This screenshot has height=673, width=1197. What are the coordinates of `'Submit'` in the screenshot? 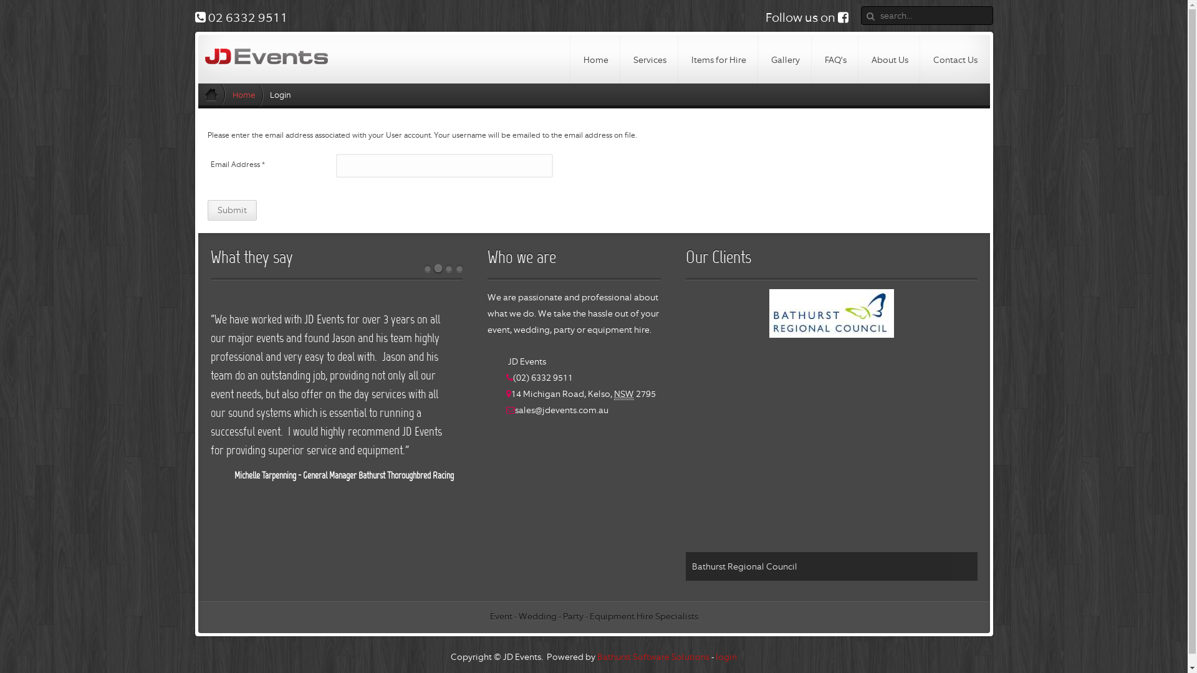 It's located at (231, 209).